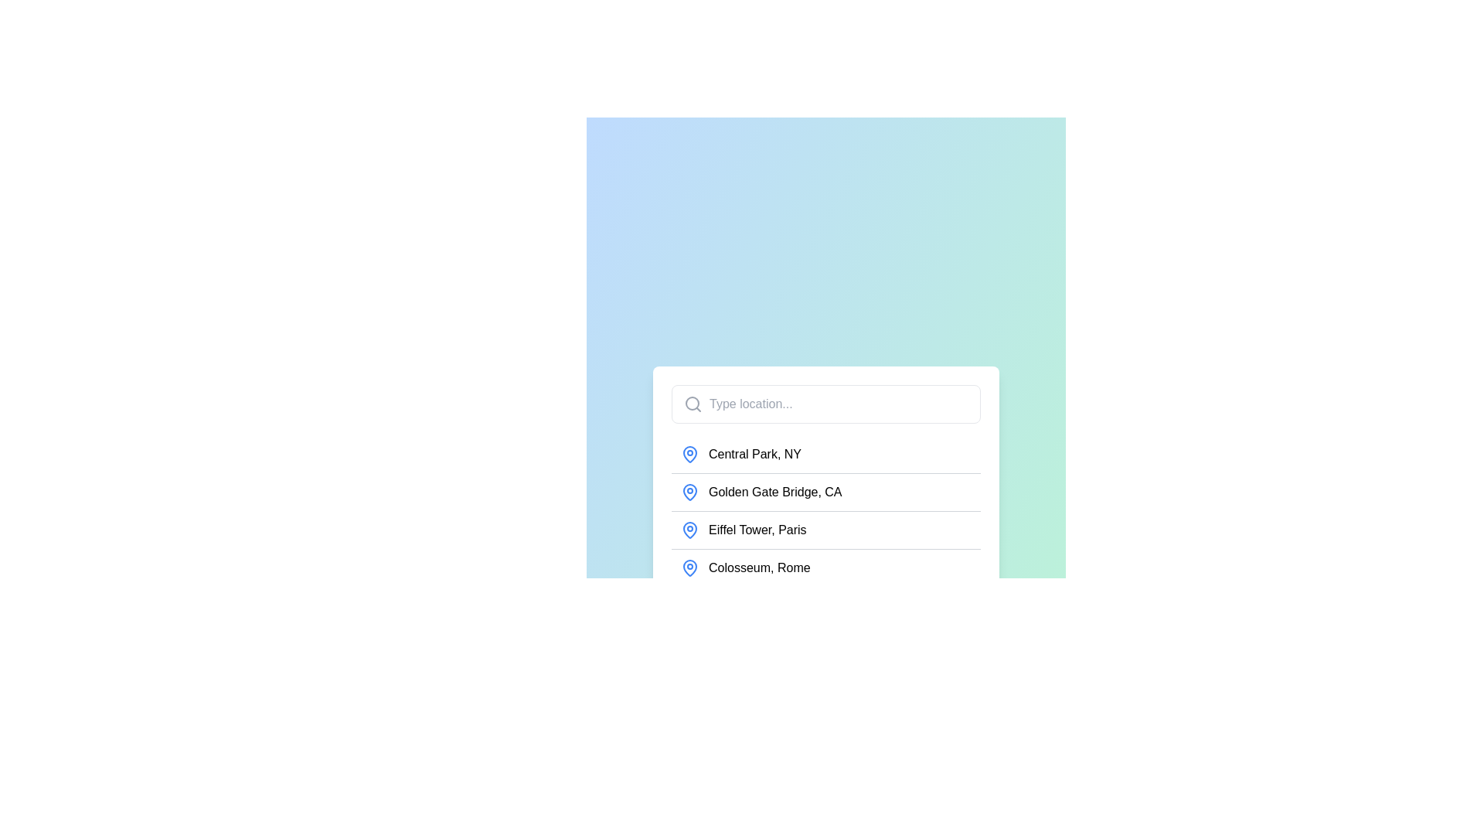  Describe the element at coordinates (693, 404) in the screenshot. I see `the search icon SVG element located at the left edge of the text input field, which serves as a visual indicator for the search functionality` at that location.